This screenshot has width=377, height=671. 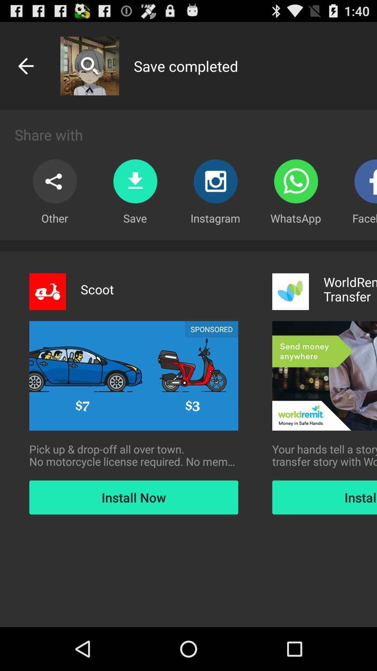 I want to click on pick up drop, so click(x=134, y=455).